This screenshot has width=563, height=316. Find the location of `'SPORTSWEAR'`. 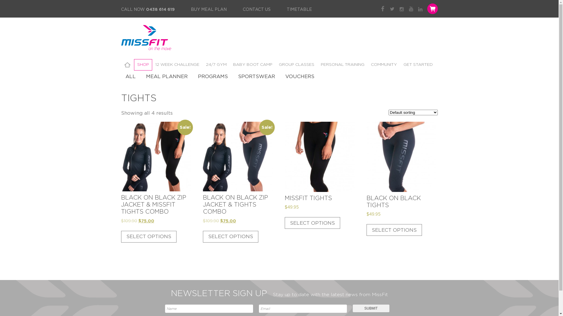

'SPORTSWEAR' is located at coordinates (256, 76).